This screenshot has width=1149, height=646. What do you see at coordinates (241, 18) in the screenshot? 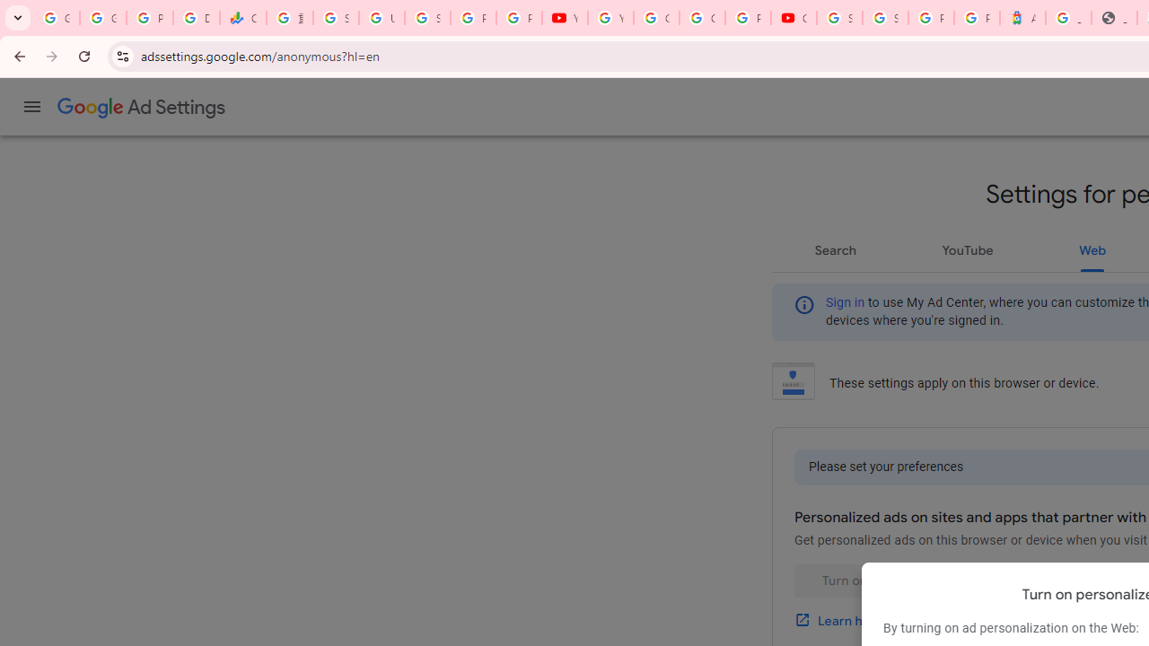
I see `'Currencies - Google Finance'` at bounding box center [241, 18].